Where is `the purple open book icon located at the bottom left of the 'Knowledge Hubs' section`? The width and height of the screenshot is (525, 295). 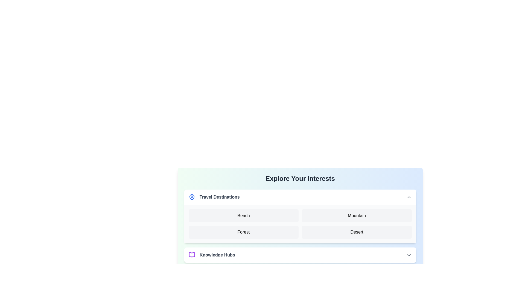
the purple open book icon located at the bottom left of the 'Knowledge Hubs' section is located at coordinates (192, 255).